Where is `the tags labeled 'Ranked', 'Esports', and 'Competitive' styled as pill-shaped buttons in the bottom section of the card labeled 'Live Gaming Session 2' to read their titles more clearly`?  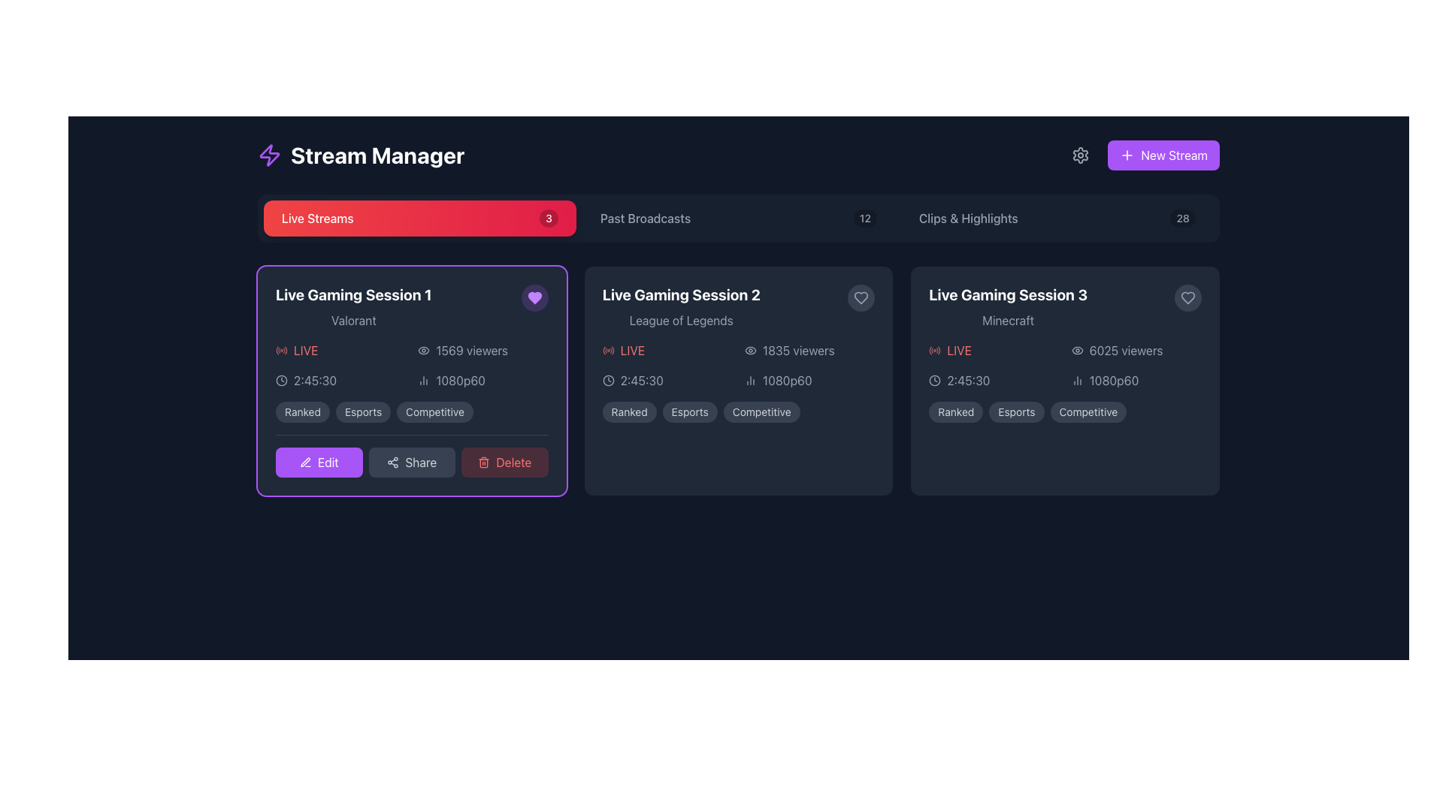
the tags labeled 'Ranked', 'Esports', and 'Competitive' styled as pill-shaped buttons in the bottom section of the card labeled 'Live Gaming Session 2' to read their titles more clearly is located at coordinates (739, 412).